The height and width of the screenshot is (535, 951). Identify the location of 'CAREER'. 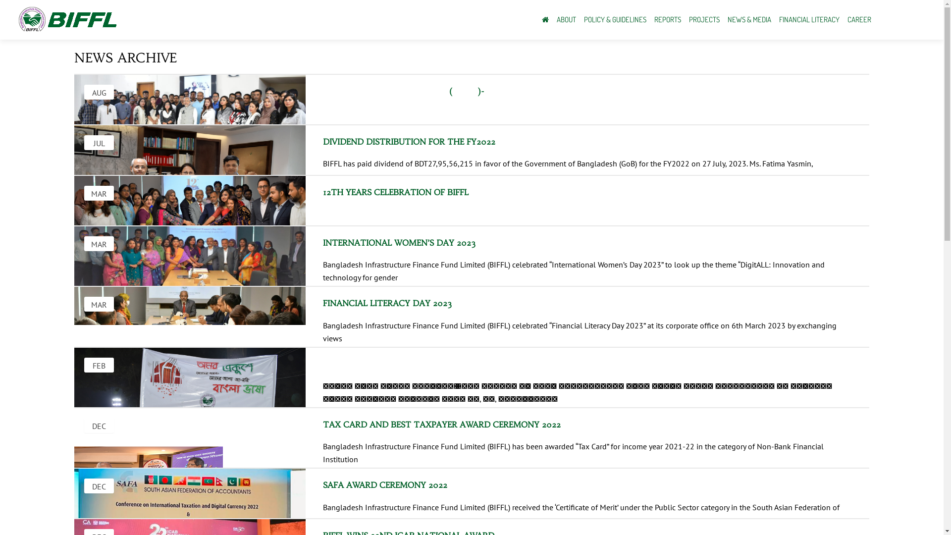
(858, 19).